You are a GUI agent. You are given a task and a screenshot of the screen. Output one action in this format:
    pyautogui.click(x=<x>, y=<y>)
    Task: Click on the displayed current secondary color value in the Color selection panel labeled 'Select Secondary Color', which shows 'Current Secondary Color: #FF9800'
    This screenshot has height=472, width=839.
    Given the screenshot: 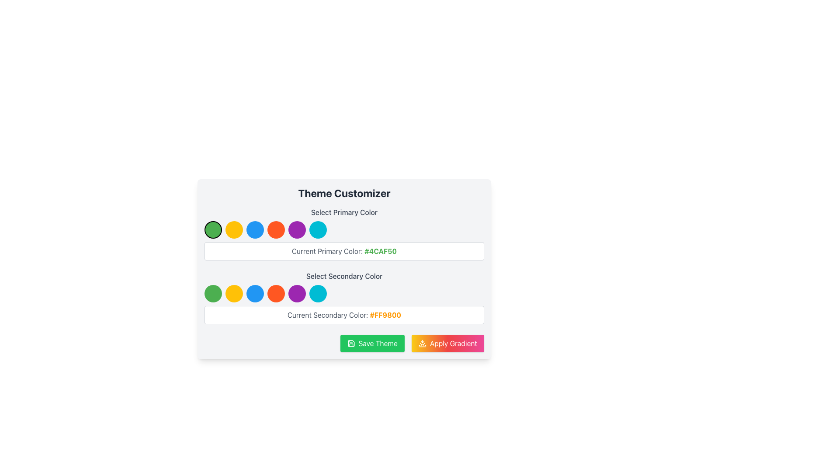 What is the action you would take?
    pyautogui.click(x=343, y=297)
    